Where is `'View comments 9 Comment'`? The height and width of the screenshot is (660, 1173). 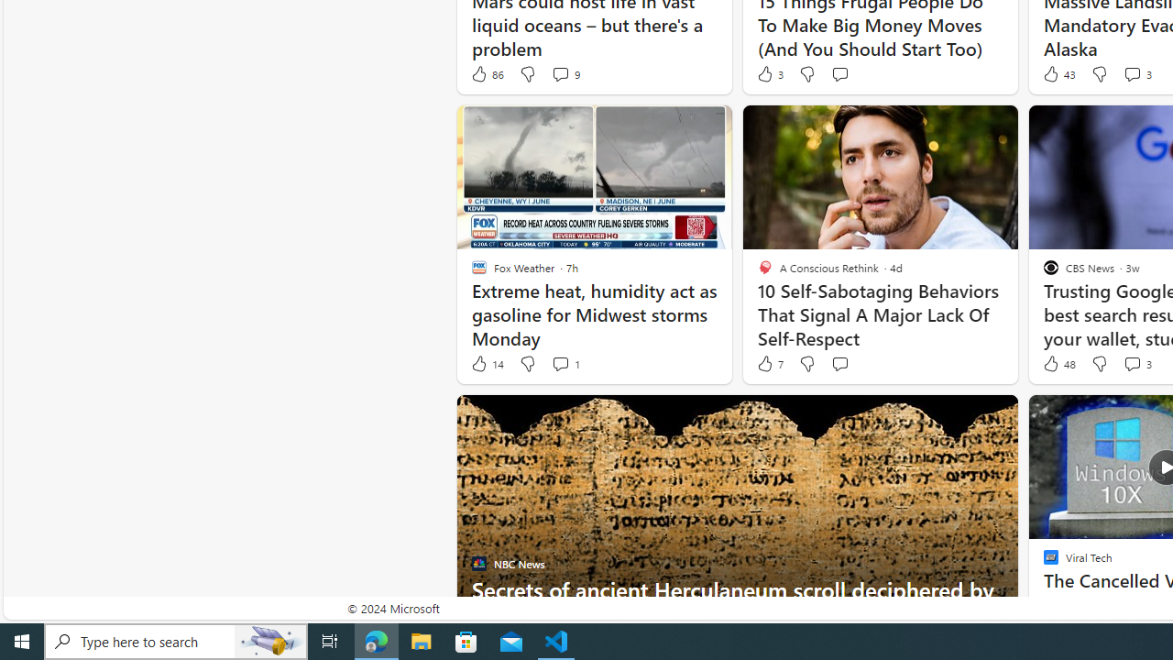
'View comments 9 Comment' is located at coordinates (564, 73).